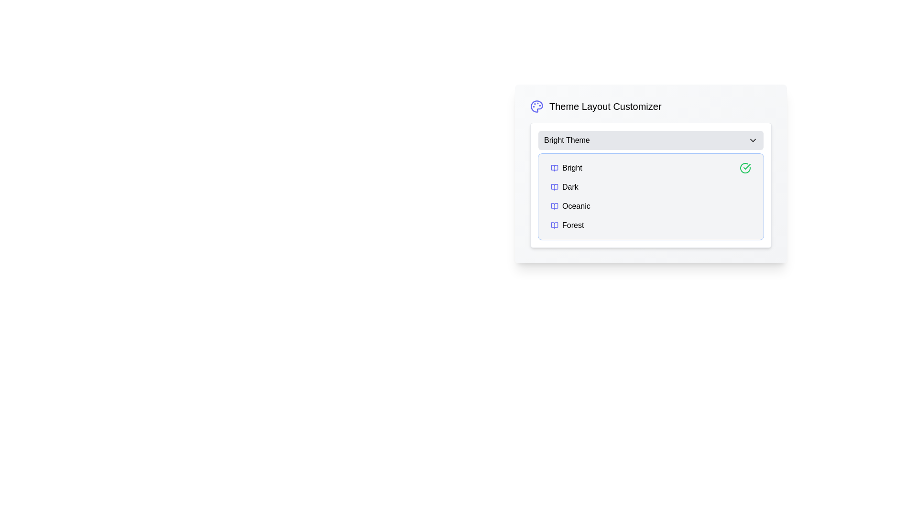 The height and width of the screenshot is (516, 918). Describe the element at coordinates (650, 140) in the screenshot. I see `the Dropdown Menu at the top of the theme selection` at that location.